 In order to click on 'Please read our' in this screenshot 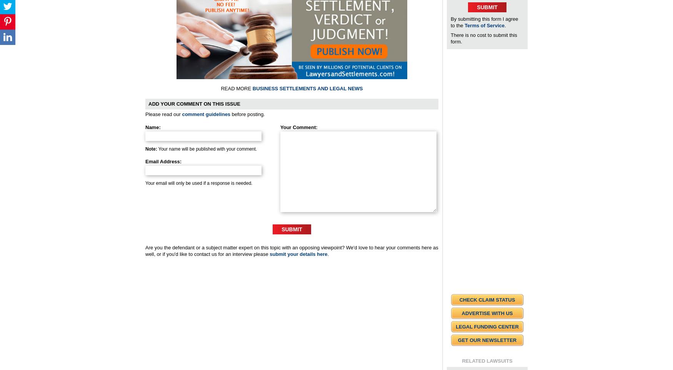, I will do `click(163, 114)`.